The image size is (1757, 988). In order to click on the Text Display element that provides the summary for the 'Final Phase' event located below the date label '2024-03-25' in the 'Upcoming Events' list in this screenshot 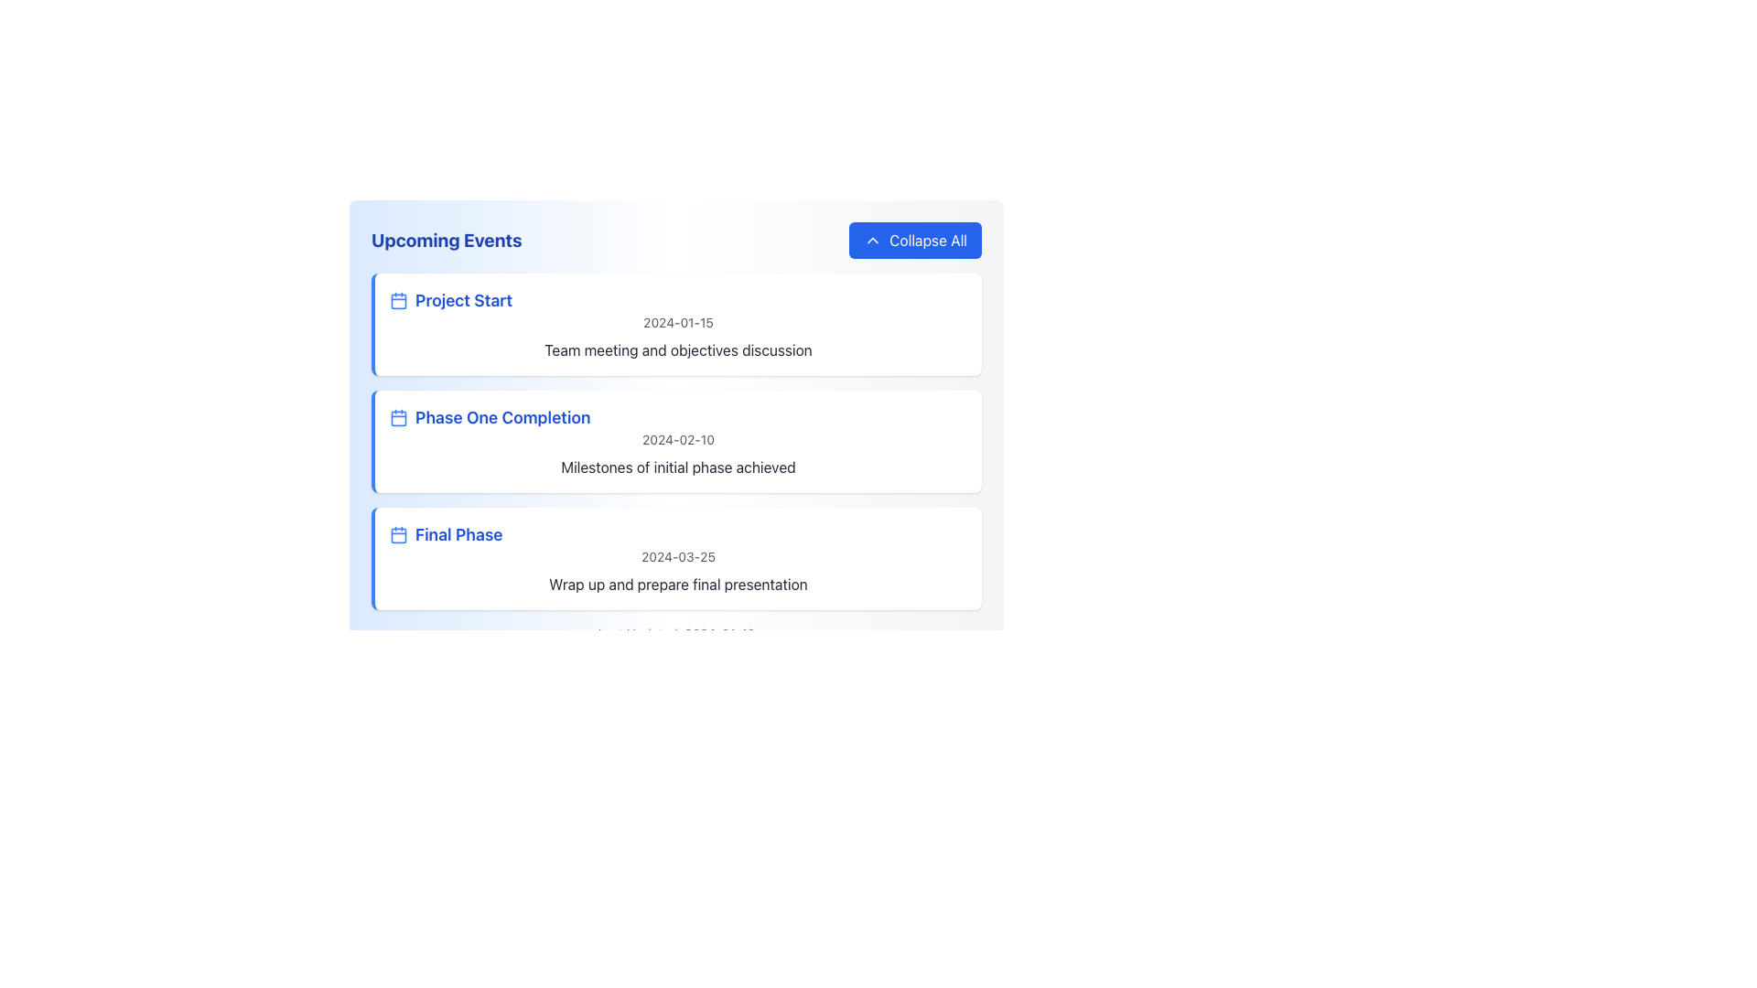, I will do `click(677, 585)`.